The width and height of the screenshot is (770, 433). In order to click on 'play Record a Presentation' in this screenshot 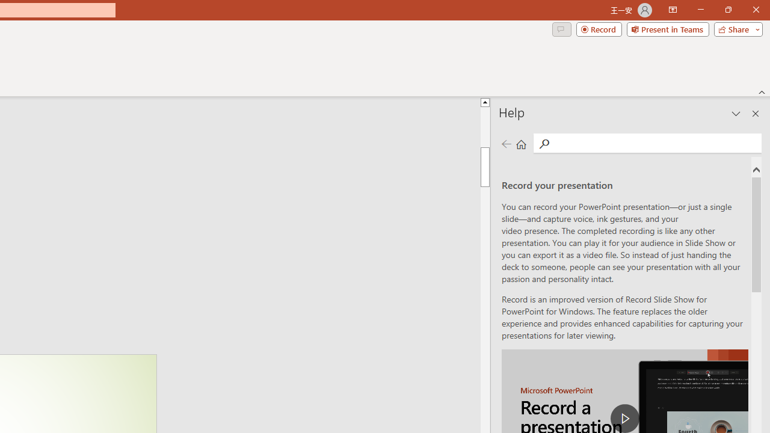, I will do `click(624, 417)`.